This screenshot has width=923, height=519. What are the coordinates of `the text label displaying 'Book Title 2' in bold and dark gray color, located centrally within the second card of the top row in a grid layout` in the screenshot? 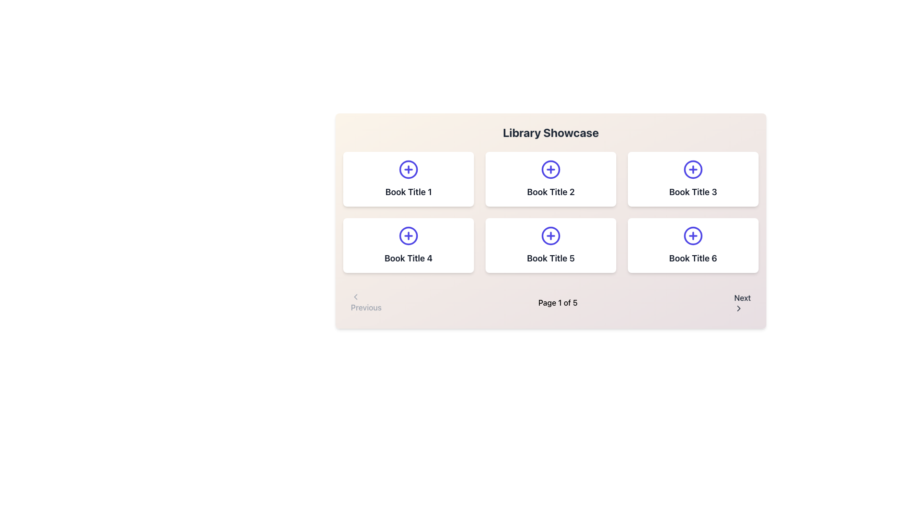 It's located at (551, 192).